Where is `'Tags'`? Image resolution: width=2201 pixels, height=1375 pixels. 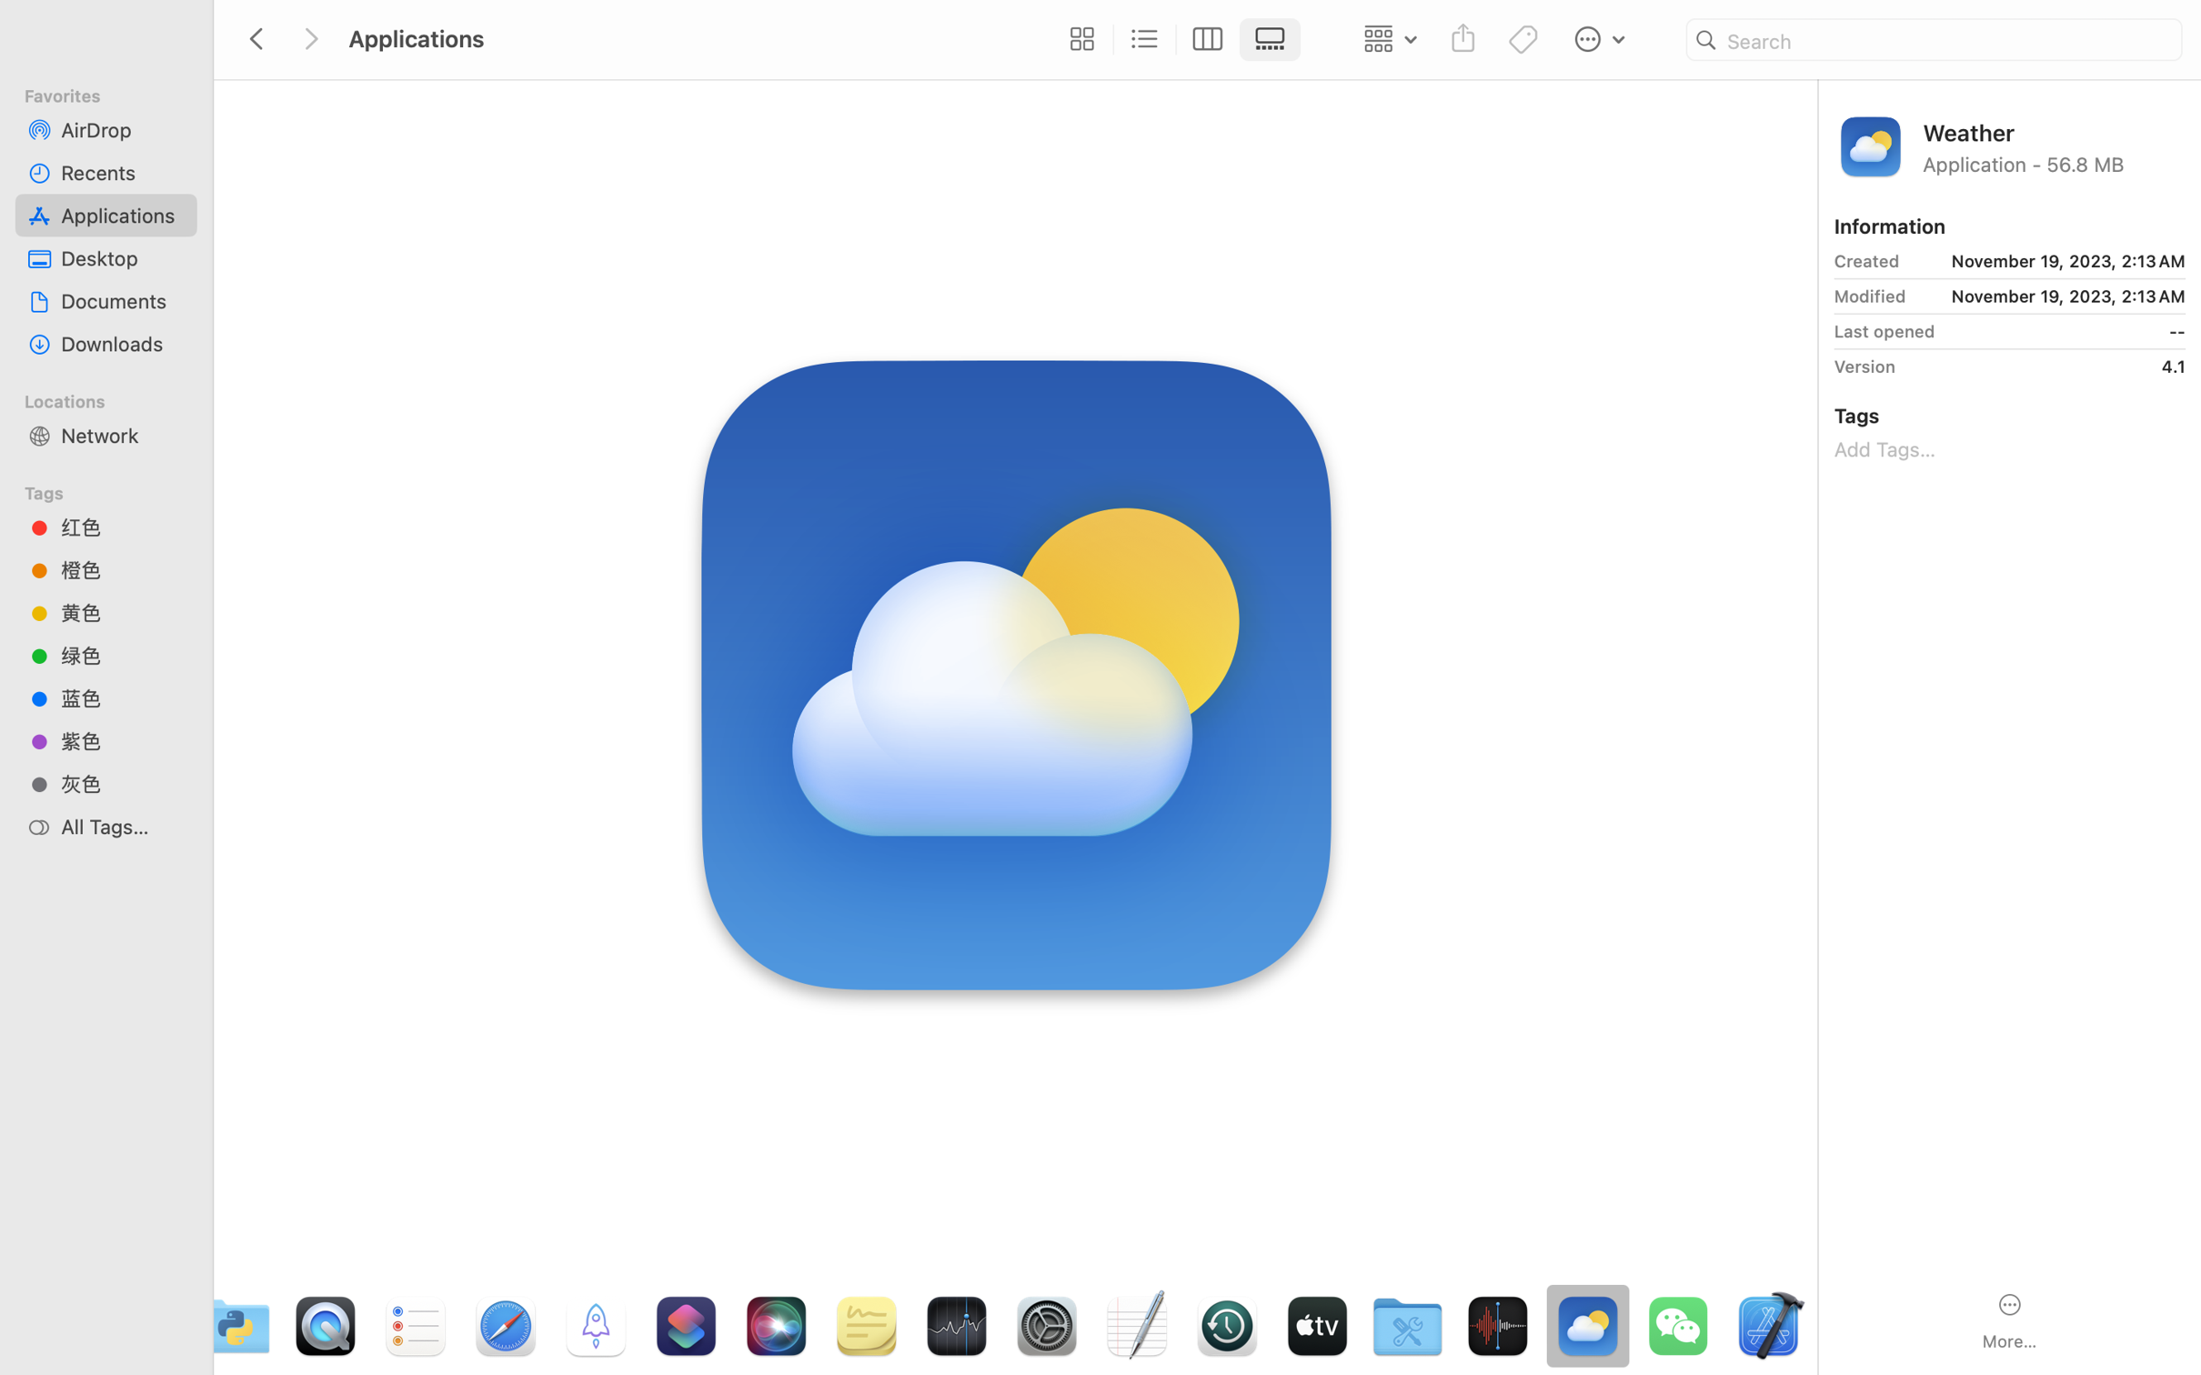
'Tags' is located at coordinates (114, 489).